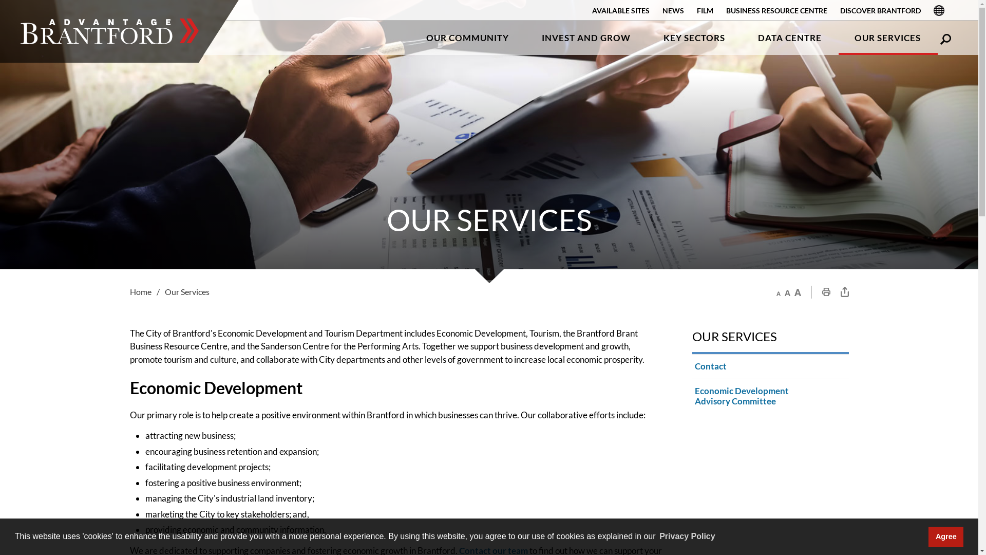  I want to click on 'Home', so click(146, 291).